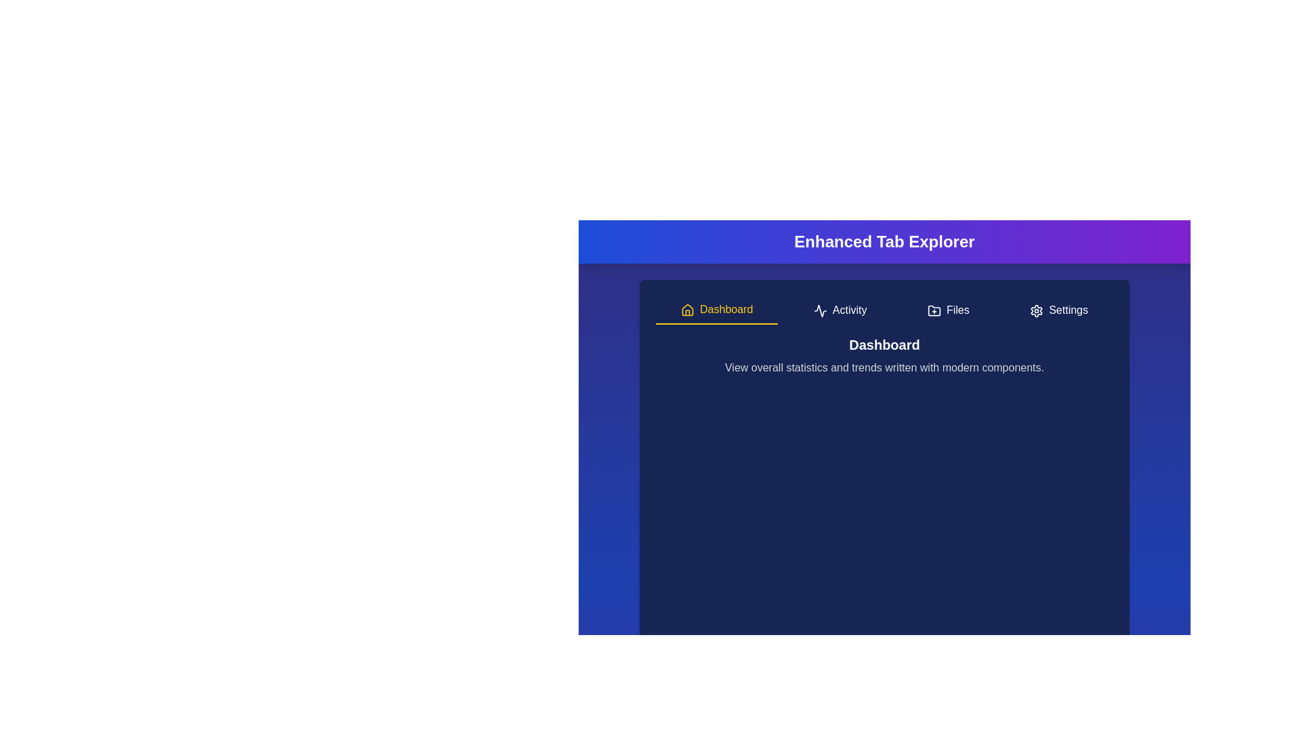 This screenshot has height=732, width=1301. Describe the element at coordinates (716, 310) in the screenshot. I see `the Dashboard tab to navigate to it` at that location.